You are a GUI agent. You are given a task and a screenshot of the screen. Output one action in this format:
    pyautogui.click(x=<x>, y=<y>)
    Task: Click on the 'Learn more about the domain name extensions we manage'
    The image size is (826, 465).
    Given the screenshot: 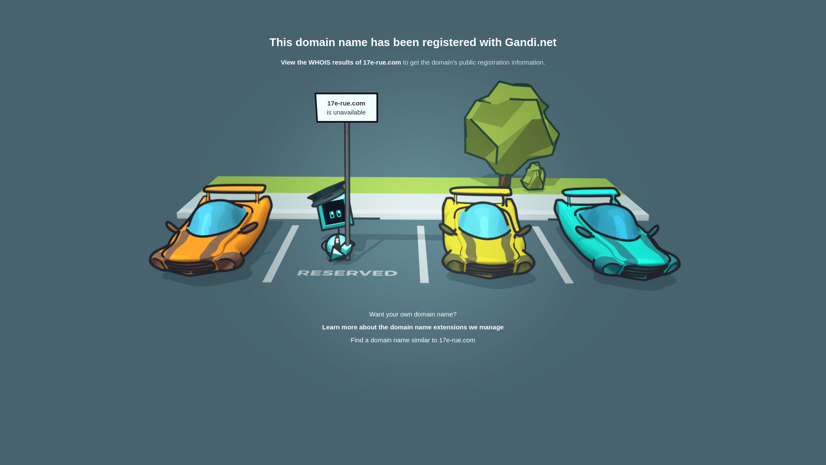 What is the action you would take?
    pyautogui.click(x=413, y=327)
    